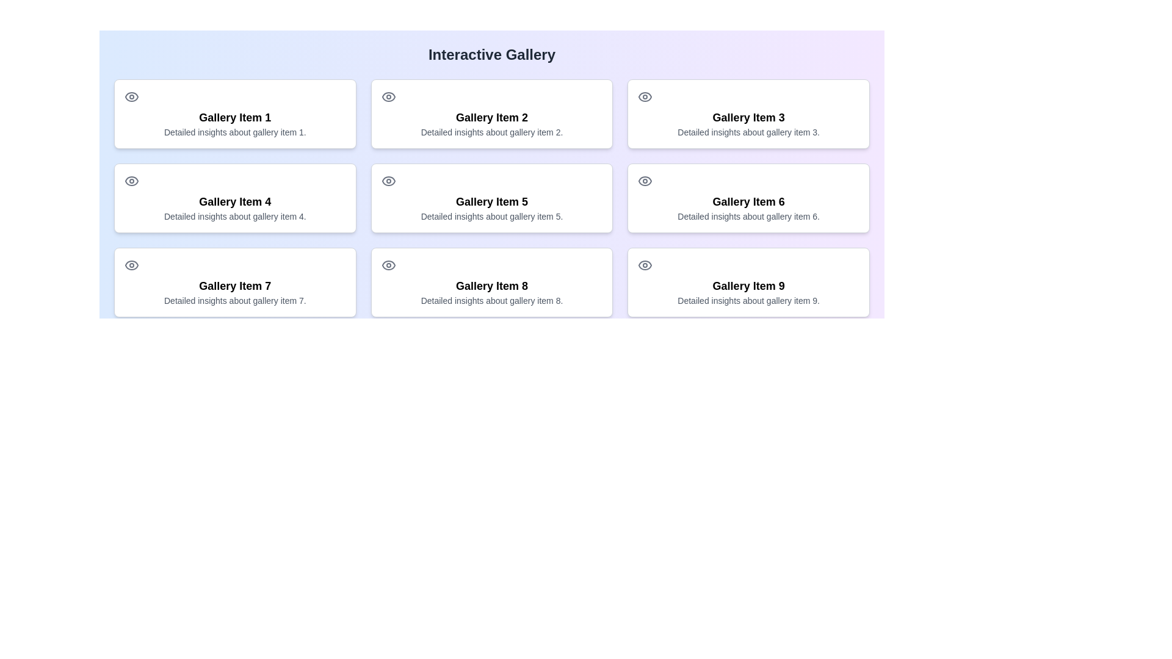 The image size is (1172, 659). What do you see at coordinates (388, 181) in the screenshot?
I see `the eye-shaped SVG icon at the top-left corner of the card labeled 'Gallery Item 5'` at bounding box center [388, 181].